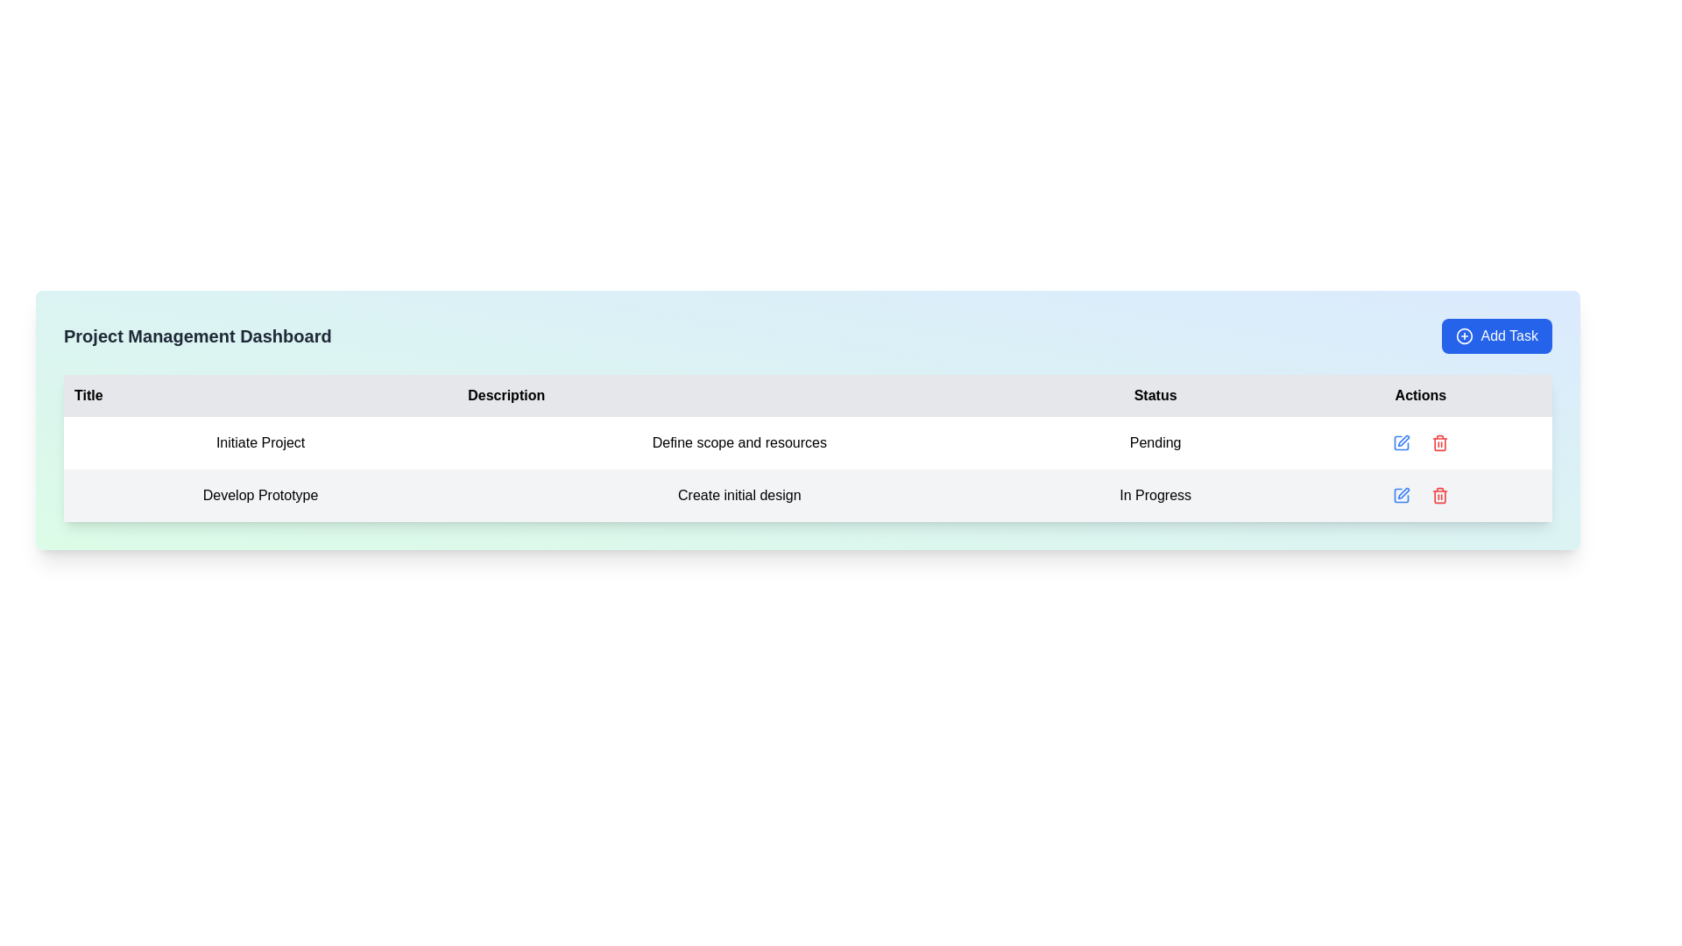 The height and width of the screenshot is (946, 1682). What do you see at coordinates (1465, 336) in the screenshot?
I see `the decorative icon located on the leftmost side of the 'Add Task' button in the top-right corner of the interface, which emphasizes the button's purpose as a call-to-action for adding tasks` at bounding box center [1465, 336].